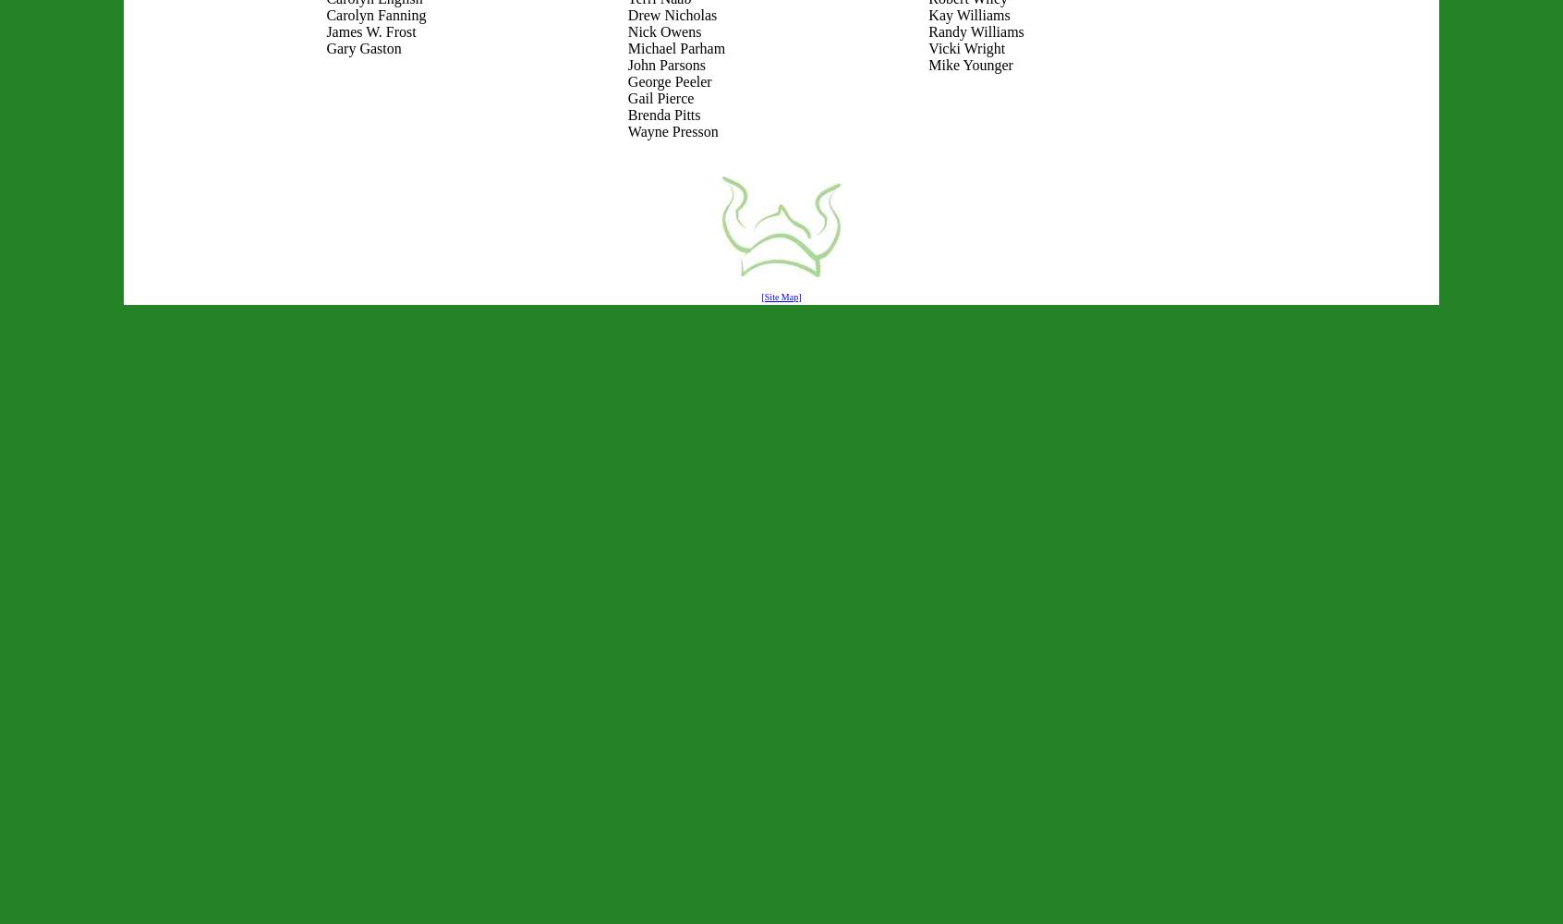 The image size is (1563, 924). What do you see at coordinates (363, 48) in the screenshot?
I see `'Gary Gaston'` at bounding box center [363, 48].